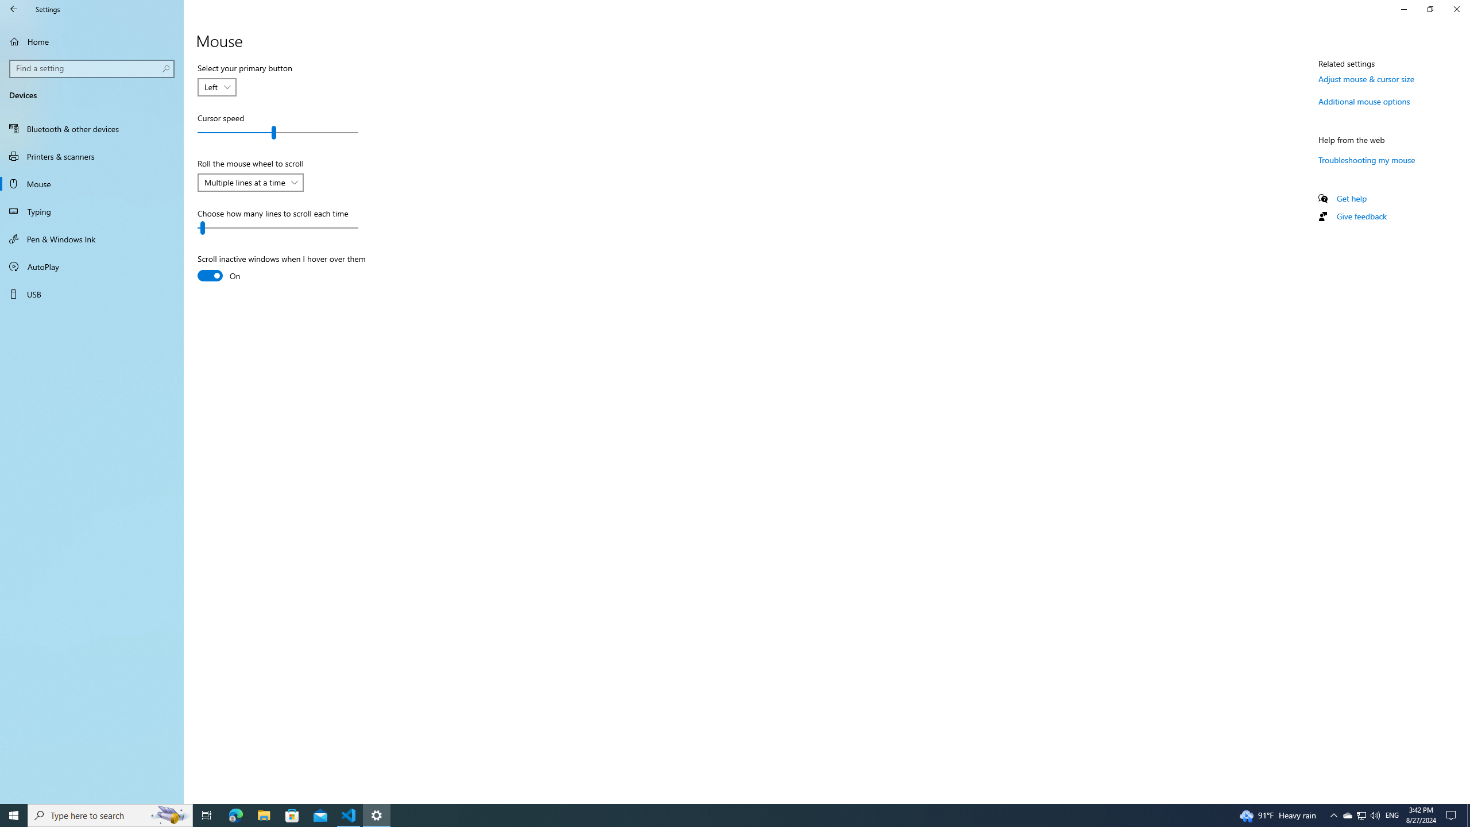 Image resolution: width=1470 pixels, height=827 pixels. Describe the element at coordinates (91, 211) in the screenshot. I see `'Typing'` at that location.